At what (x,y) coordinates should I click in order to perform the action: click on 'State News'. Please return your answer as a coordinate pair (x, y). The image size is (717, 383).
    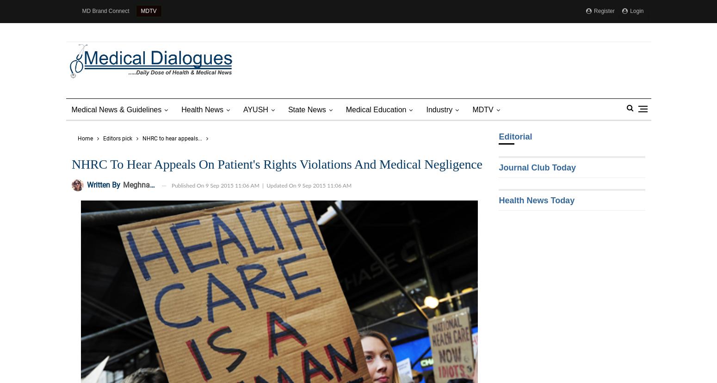
    Looking at the image, I should click on (306, 109).